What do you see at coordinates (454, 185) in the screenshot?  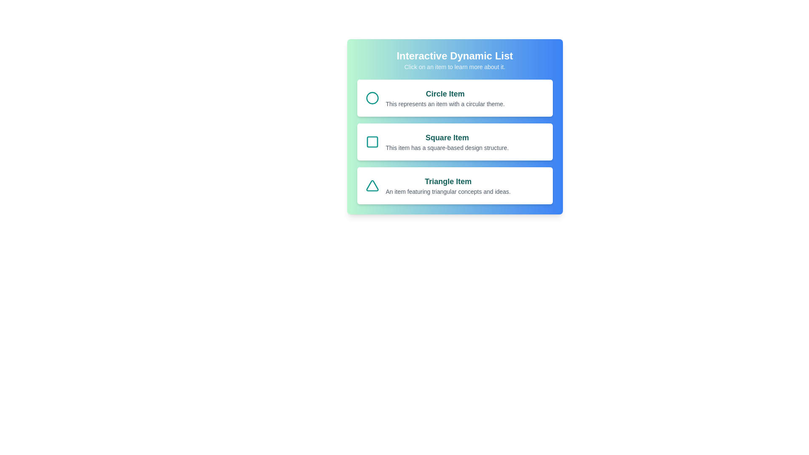 I see `the list item Triangle Item to observe changes in its background color` at bounding box center [454, 185].